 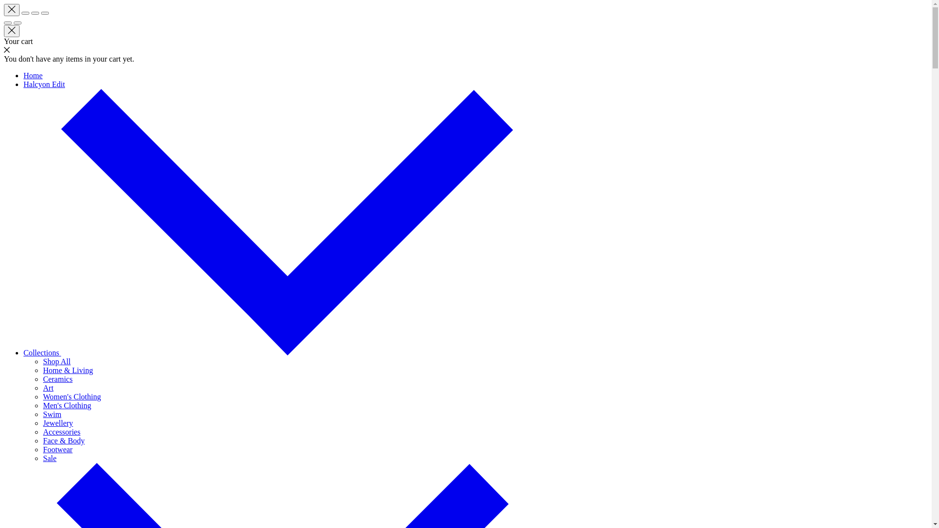 What do you see at coordinates (12, 30) in the screenshot?
I see `'Close Thin Icon'` at bounding box center [12, 30].